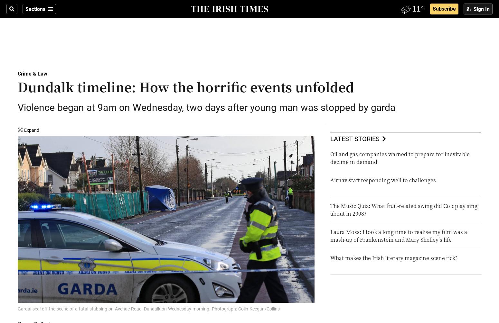  I want to click on 'Sections', so click(25, 9).